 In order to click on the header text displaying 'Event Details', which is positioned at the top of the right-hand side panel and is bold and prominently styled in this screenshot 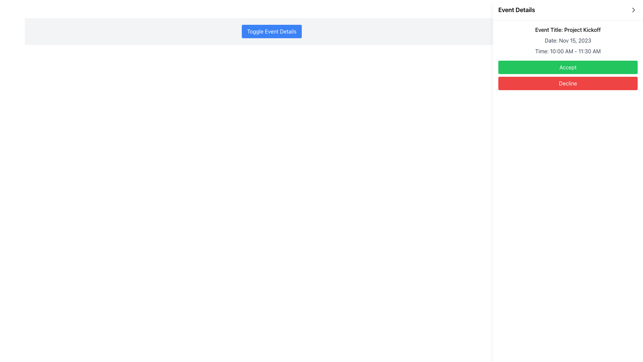, I will do `click(516, 10)`.